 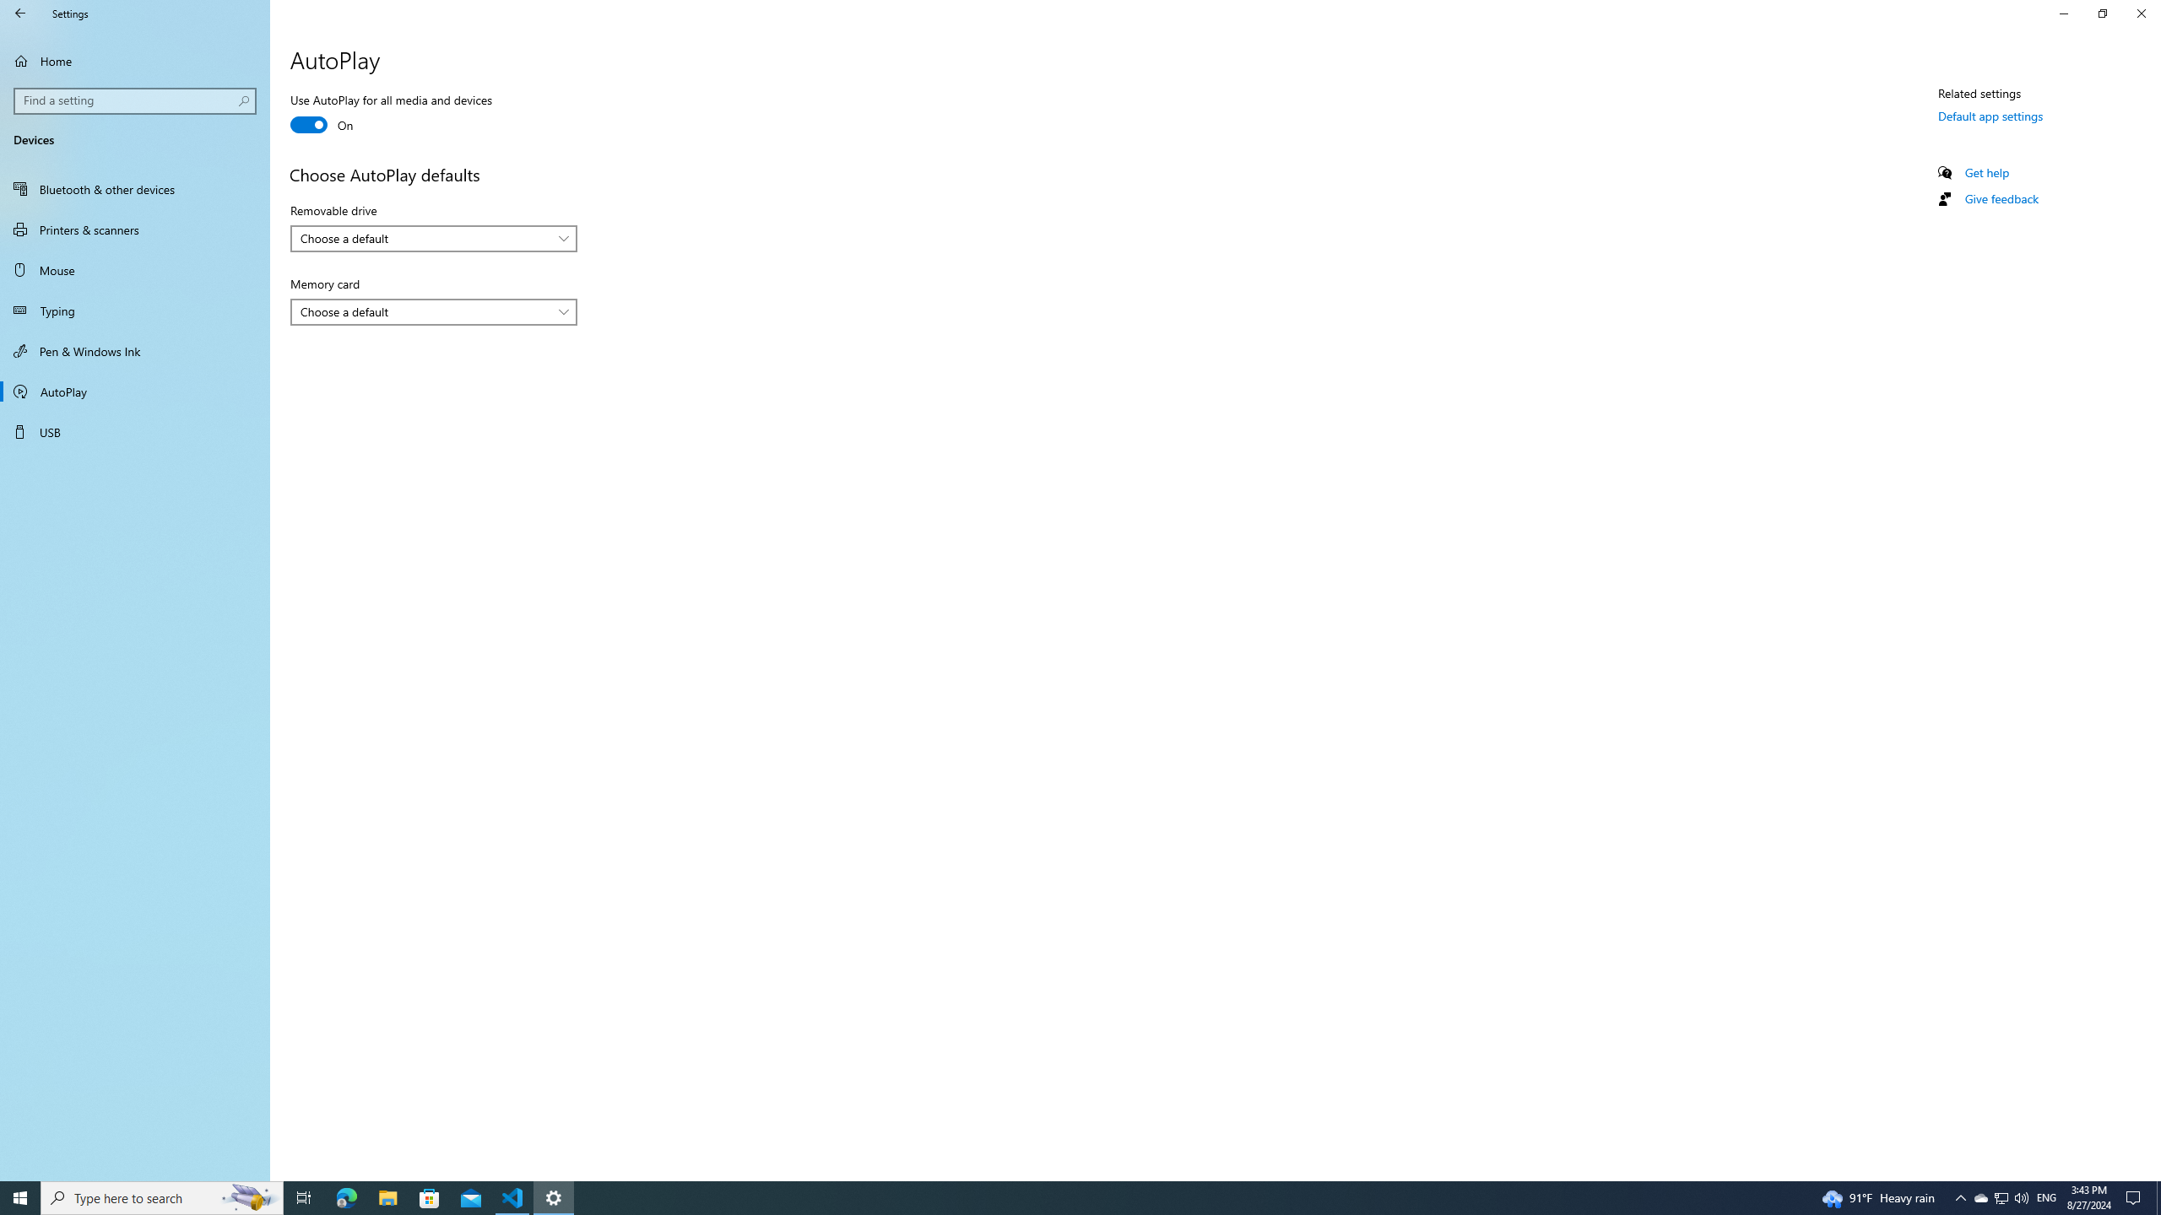 What do you see at coordinates (390, 114) in the screenshot?
I see `'Use AutoPlay for all media and devices'` at bounding box center [390, 114].